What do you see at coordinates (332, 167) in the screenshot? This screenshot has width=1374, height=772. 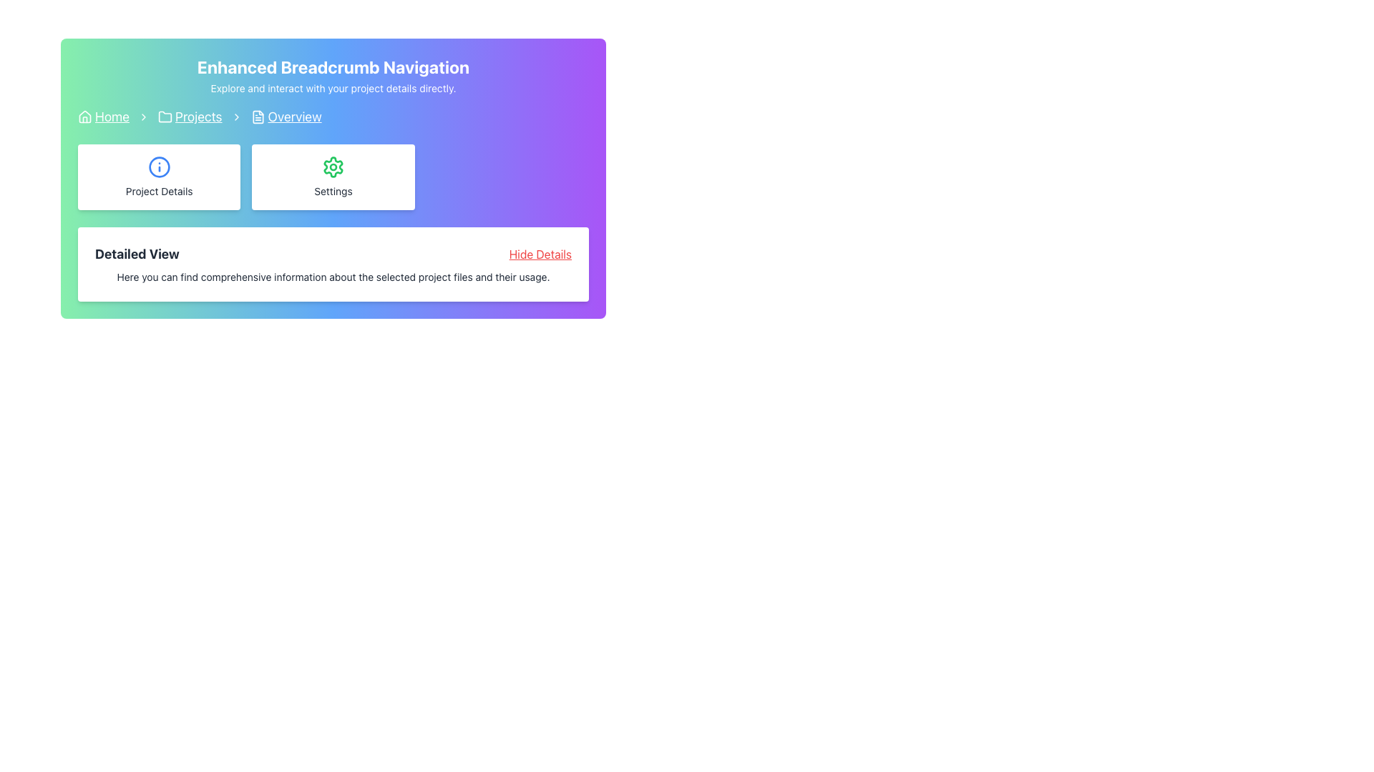 I see `the green gear-like icon in the upper section of the interface` at bounding box center [332, 167].